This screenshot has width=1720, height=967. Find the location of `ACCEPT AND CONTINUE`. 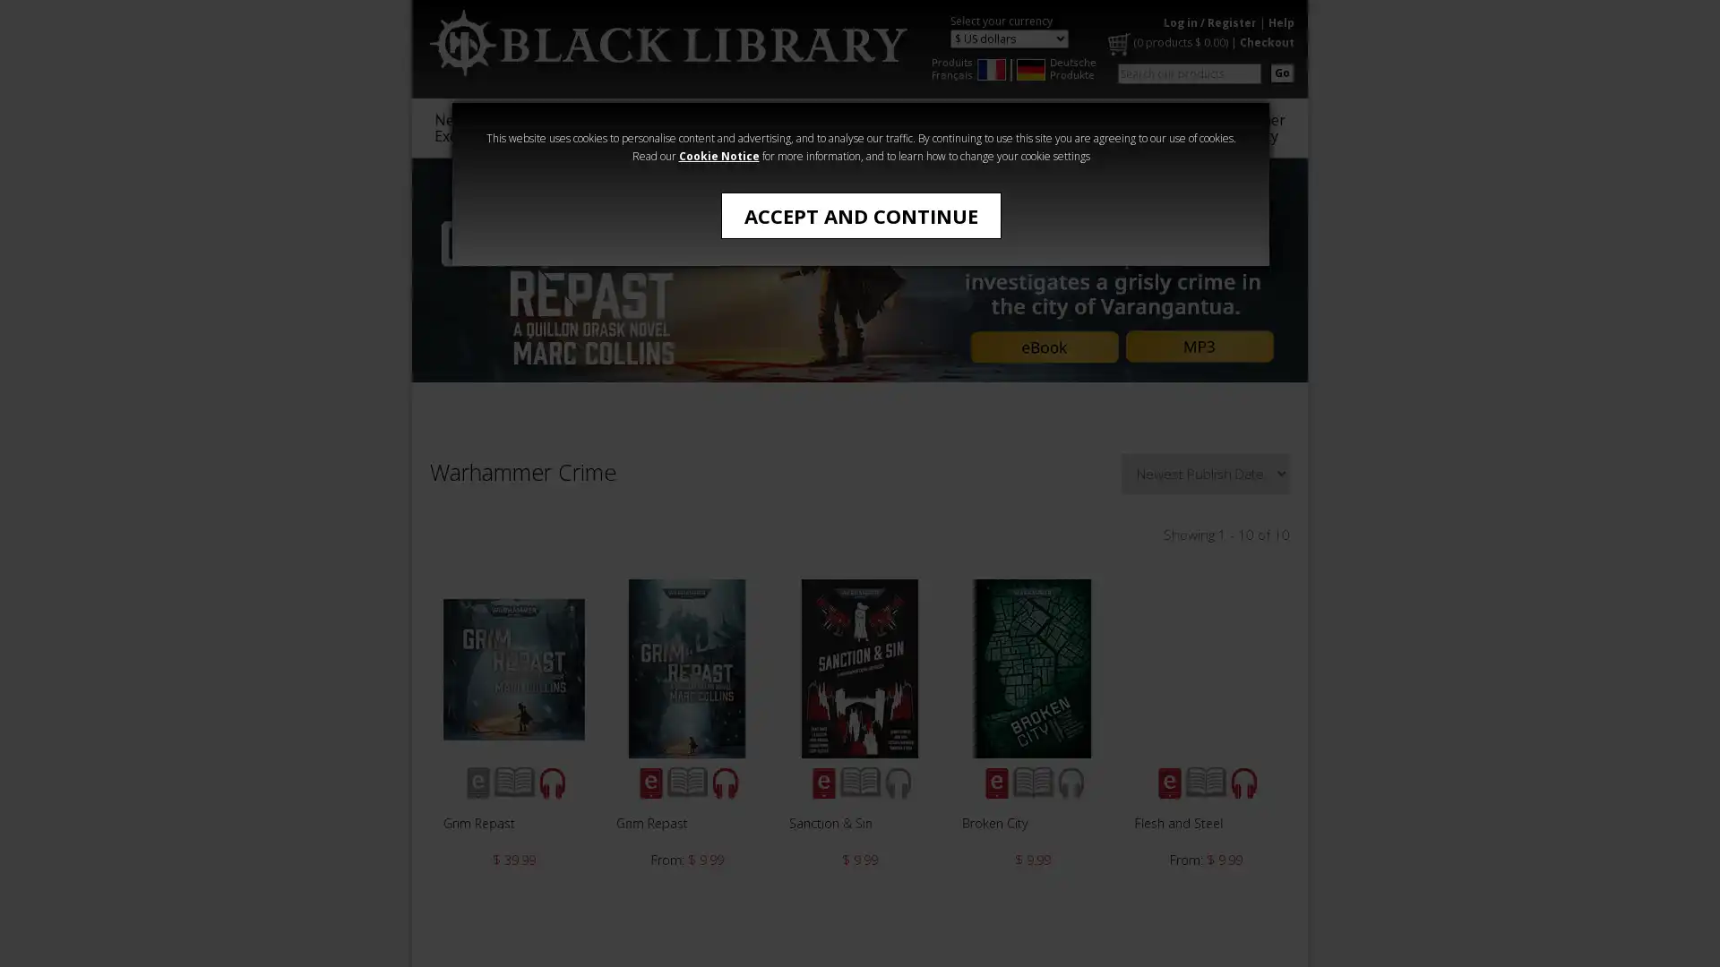

ACCEPT AND CONTINUE is located at coordinates (860, 214).